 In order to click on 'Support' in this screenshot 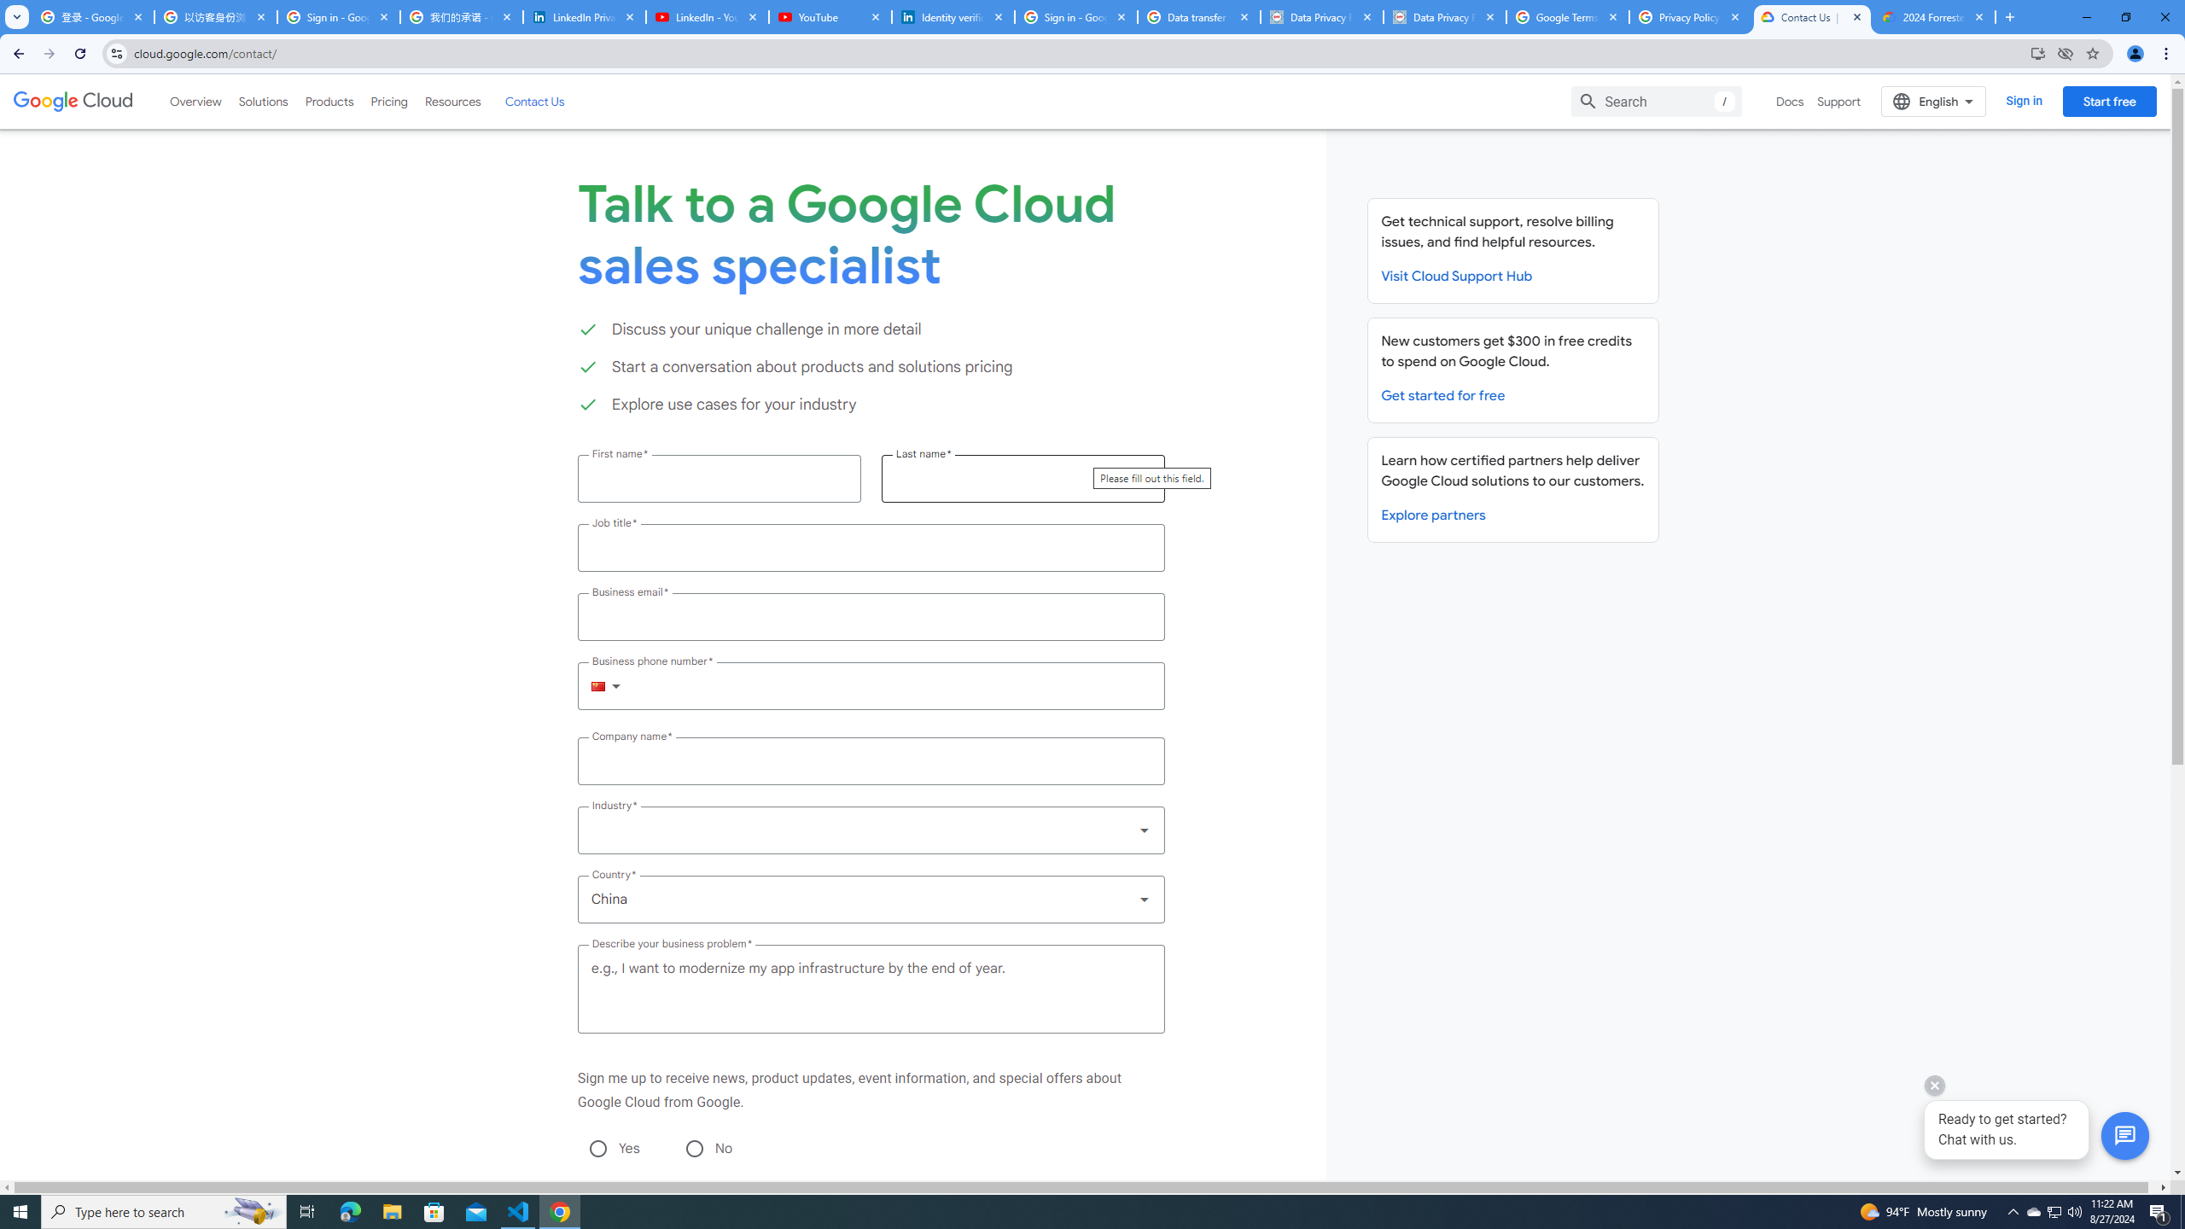, I will do `click(1839, 101)`.